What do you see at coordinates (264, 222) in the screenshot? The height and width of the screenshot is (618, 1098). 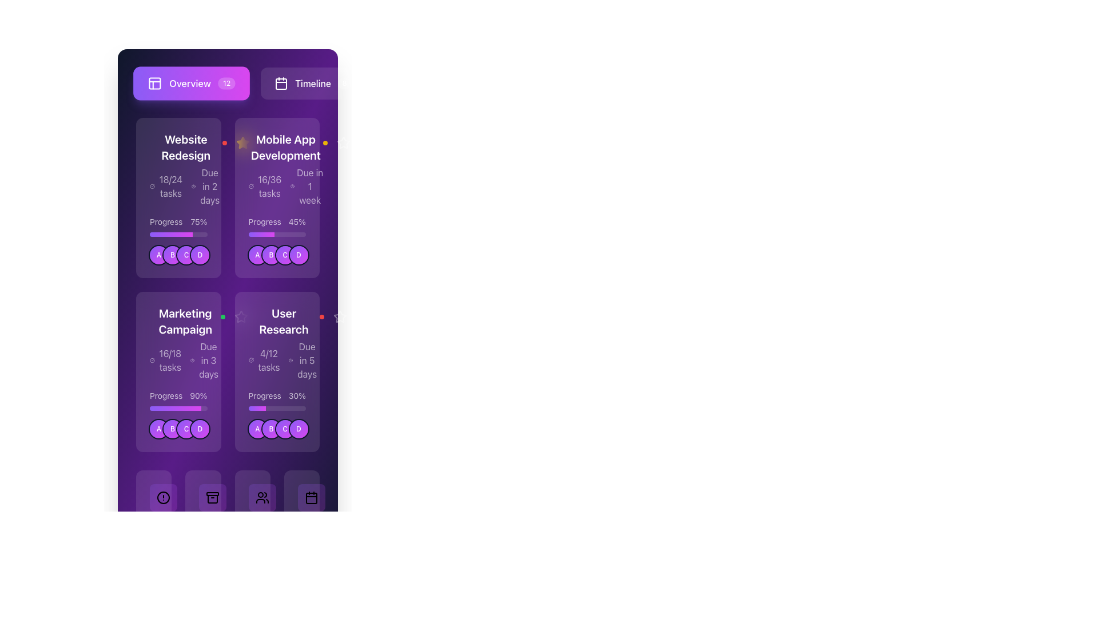 I see `the label indicating the progress percentage of the task within the 'Mobile App Development' card in the second column, first row of the grid layout` at bounding box center [264, 222].